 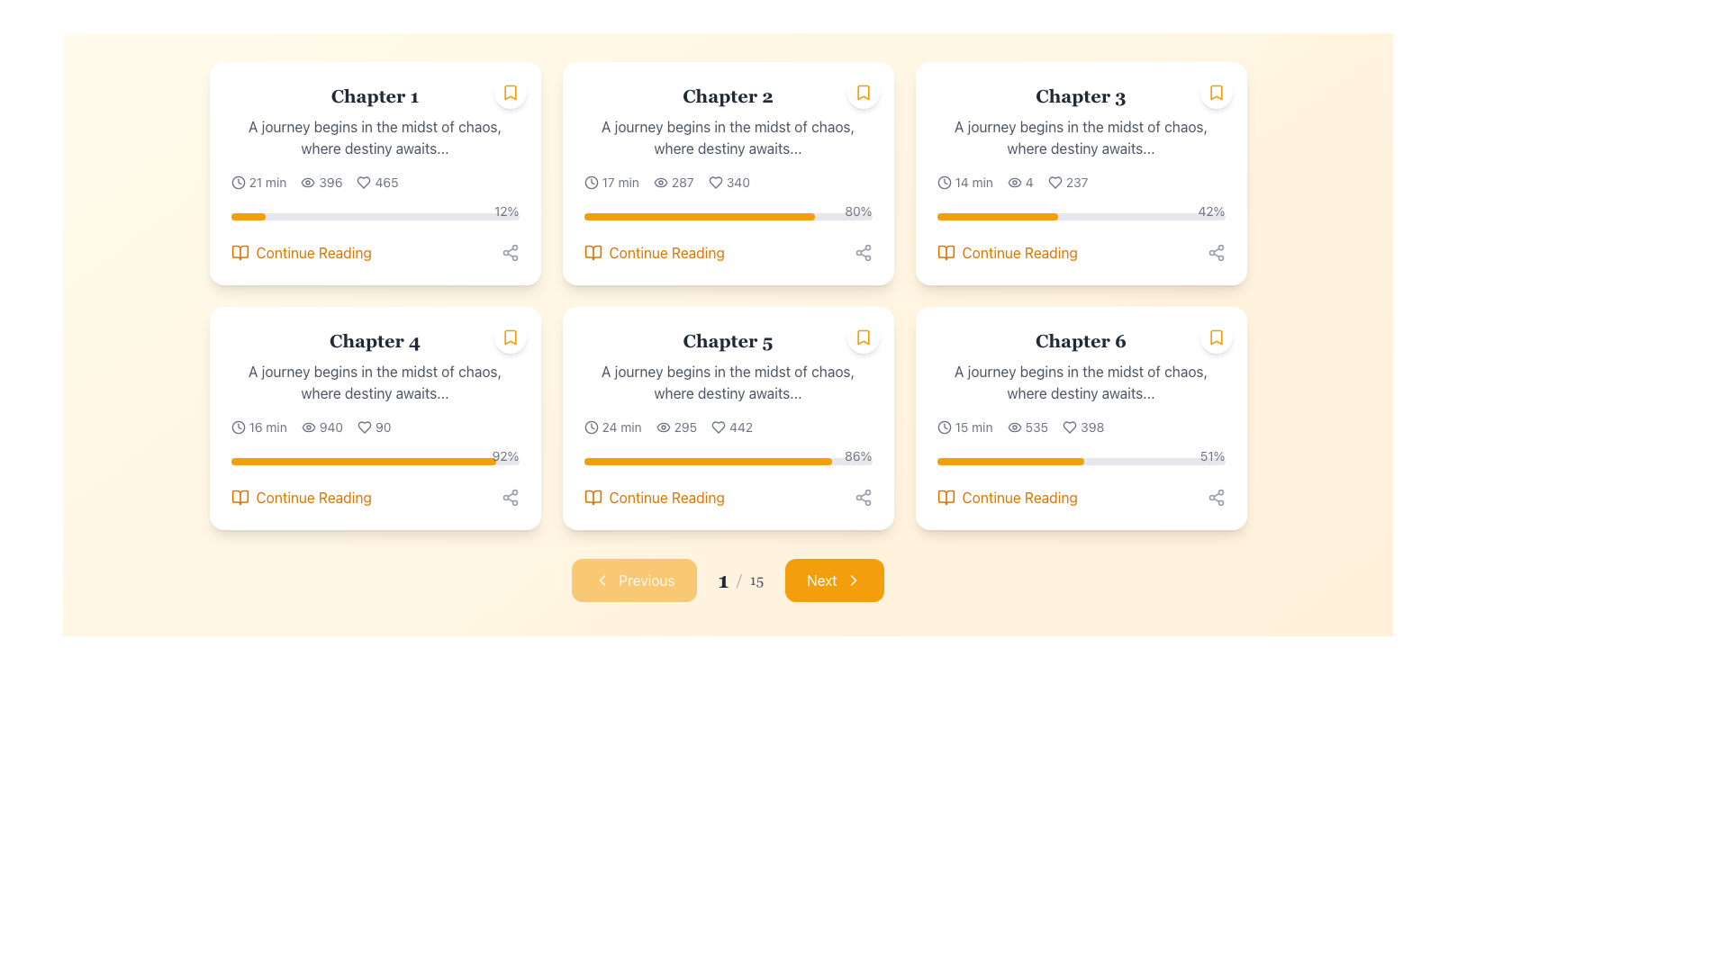 What do you see at coordinates (374, 211) in the screenshot?
I see `progress value displayed on the progress bar located in the Chapter 1 card, which is horizontally aligned below the numerical statistics and above the 'Continue Reading' button` at bounding box center [374, 211].